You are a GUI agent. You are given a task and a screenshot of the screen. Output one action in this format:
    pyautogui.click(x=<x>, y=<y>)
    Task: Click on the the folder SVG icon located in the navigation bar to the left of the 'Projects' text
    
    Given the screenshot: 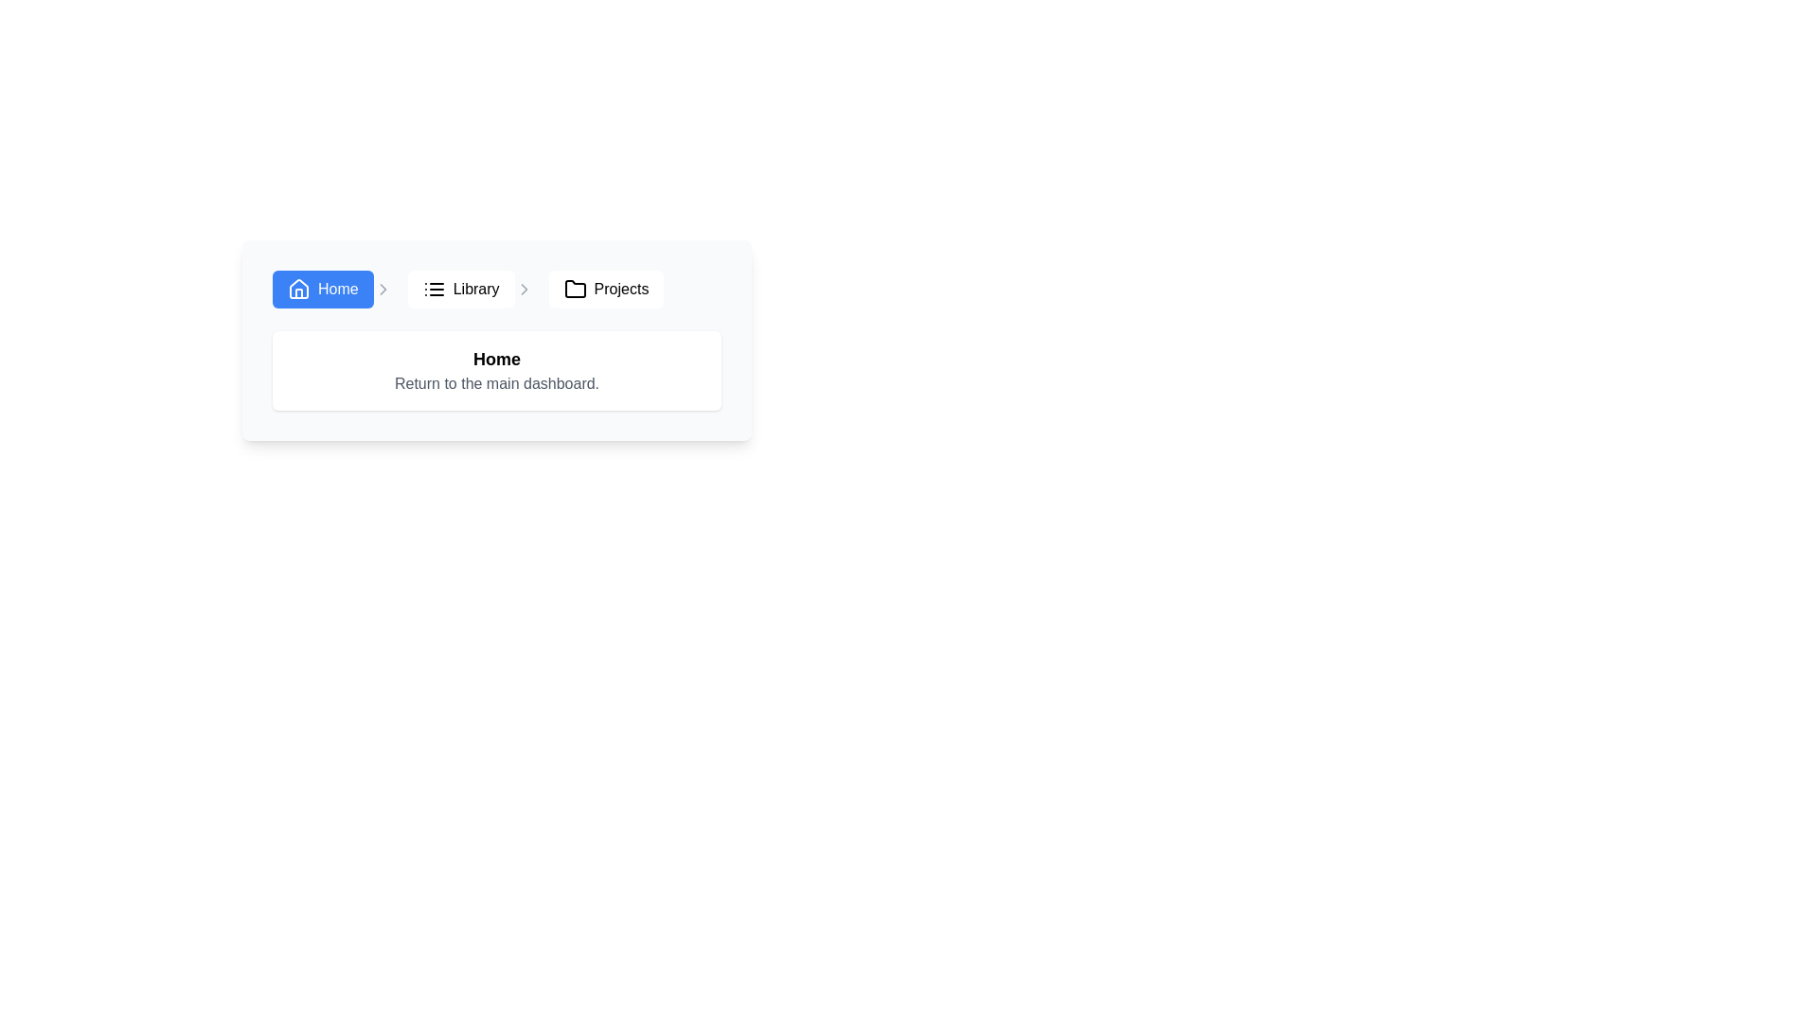 What is the action you would take?
    pyautogui.click(x=574, y=289)
    